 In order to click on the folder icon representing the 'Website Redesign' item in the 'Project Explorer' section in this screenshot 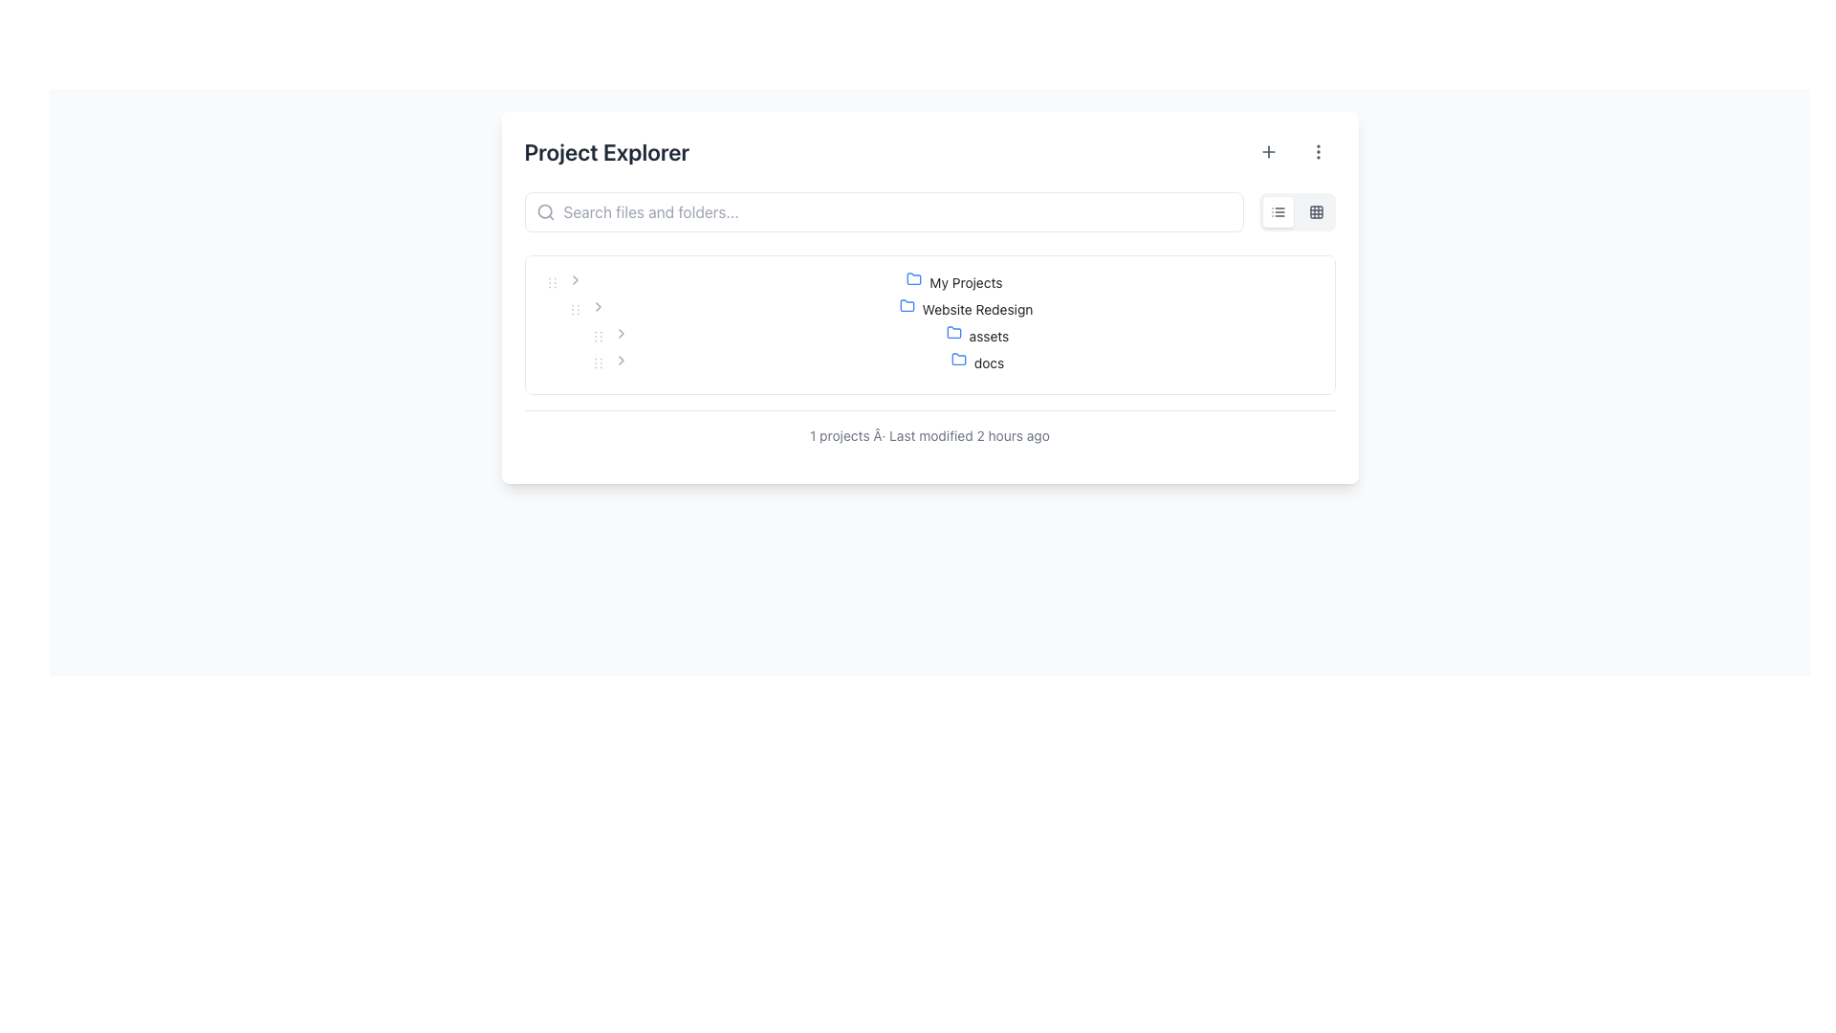, I will do `click(909, 309)`.